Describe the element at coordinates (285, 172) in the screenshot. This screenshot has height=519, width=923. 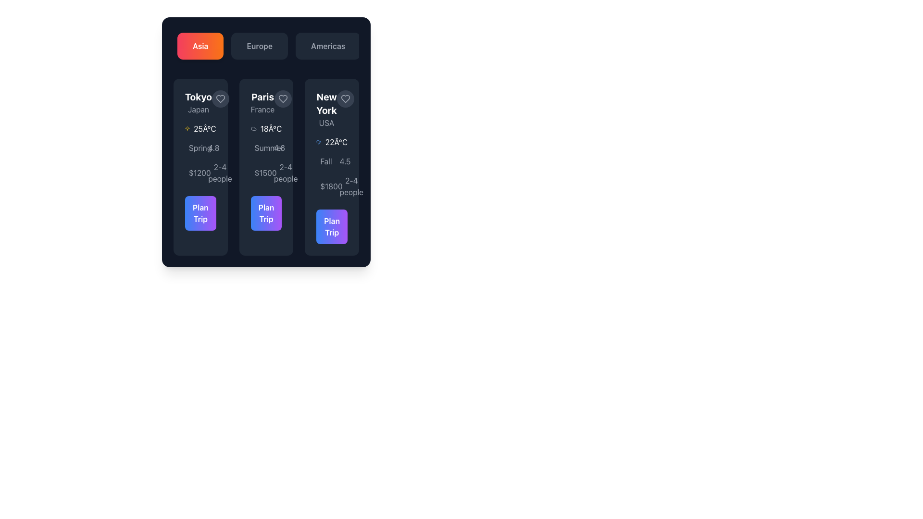
I see `the static text displaying '2-4 people' which indicates group capacity and is styled in gray, located in the Paris column above the 'Plan Trip' button` at that location.